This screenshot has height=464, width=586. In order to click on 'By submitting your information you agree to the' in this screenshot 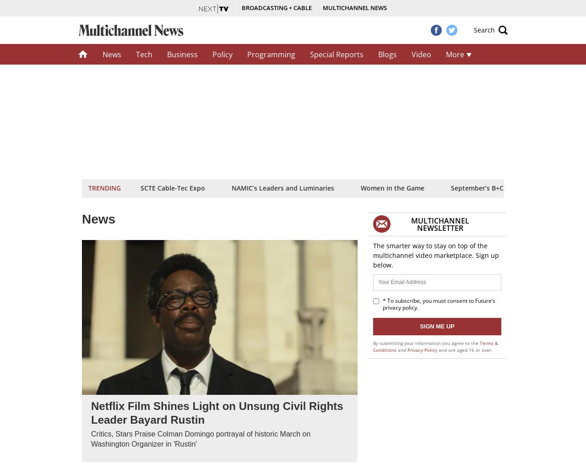, I will do `click(426, 342)`.